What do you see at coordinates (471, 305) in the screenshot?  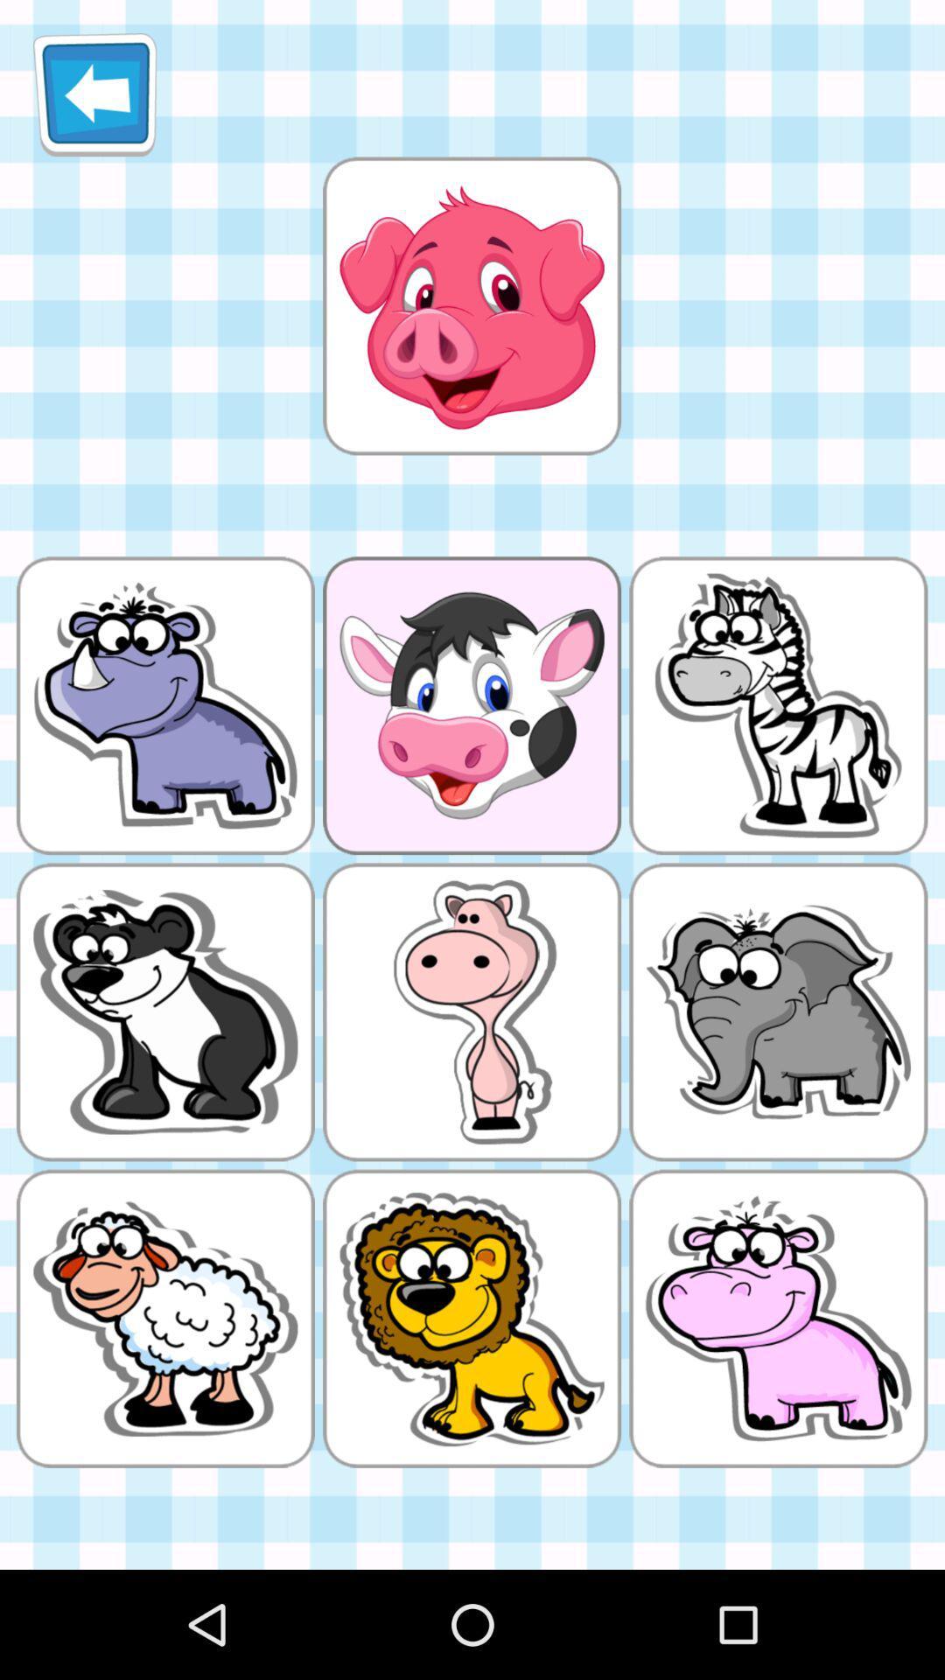 I see `avatar selection` at bounding box center [471, 305].